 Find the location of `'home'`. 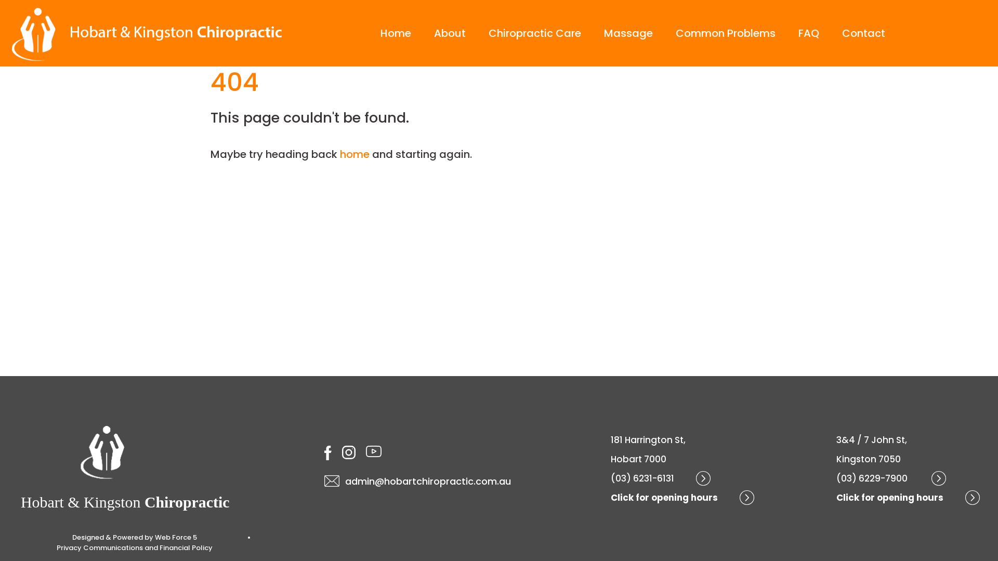

'home' is located at coordinates (354, 154).